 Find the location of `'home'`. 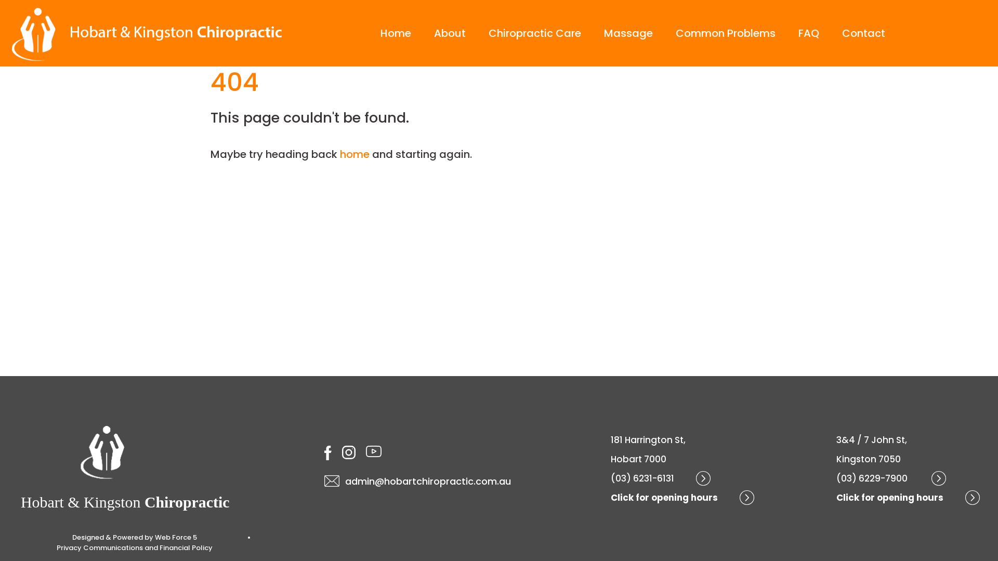

'home' is located at coordinates (354, 154).